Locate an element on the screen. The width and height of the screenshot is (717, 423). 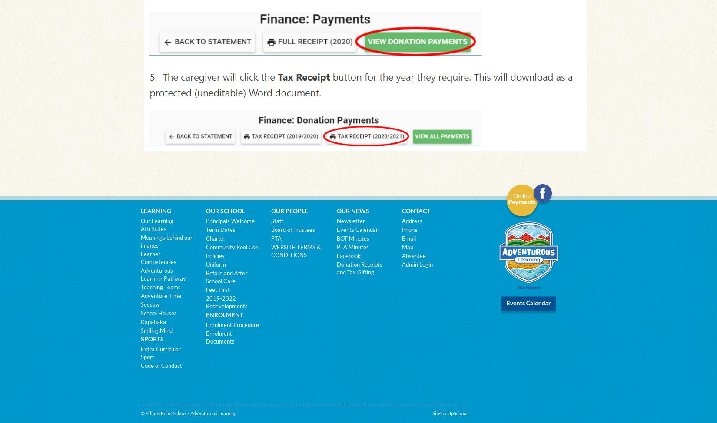
'Board of Trustees' is located at coordinates (271, 229).